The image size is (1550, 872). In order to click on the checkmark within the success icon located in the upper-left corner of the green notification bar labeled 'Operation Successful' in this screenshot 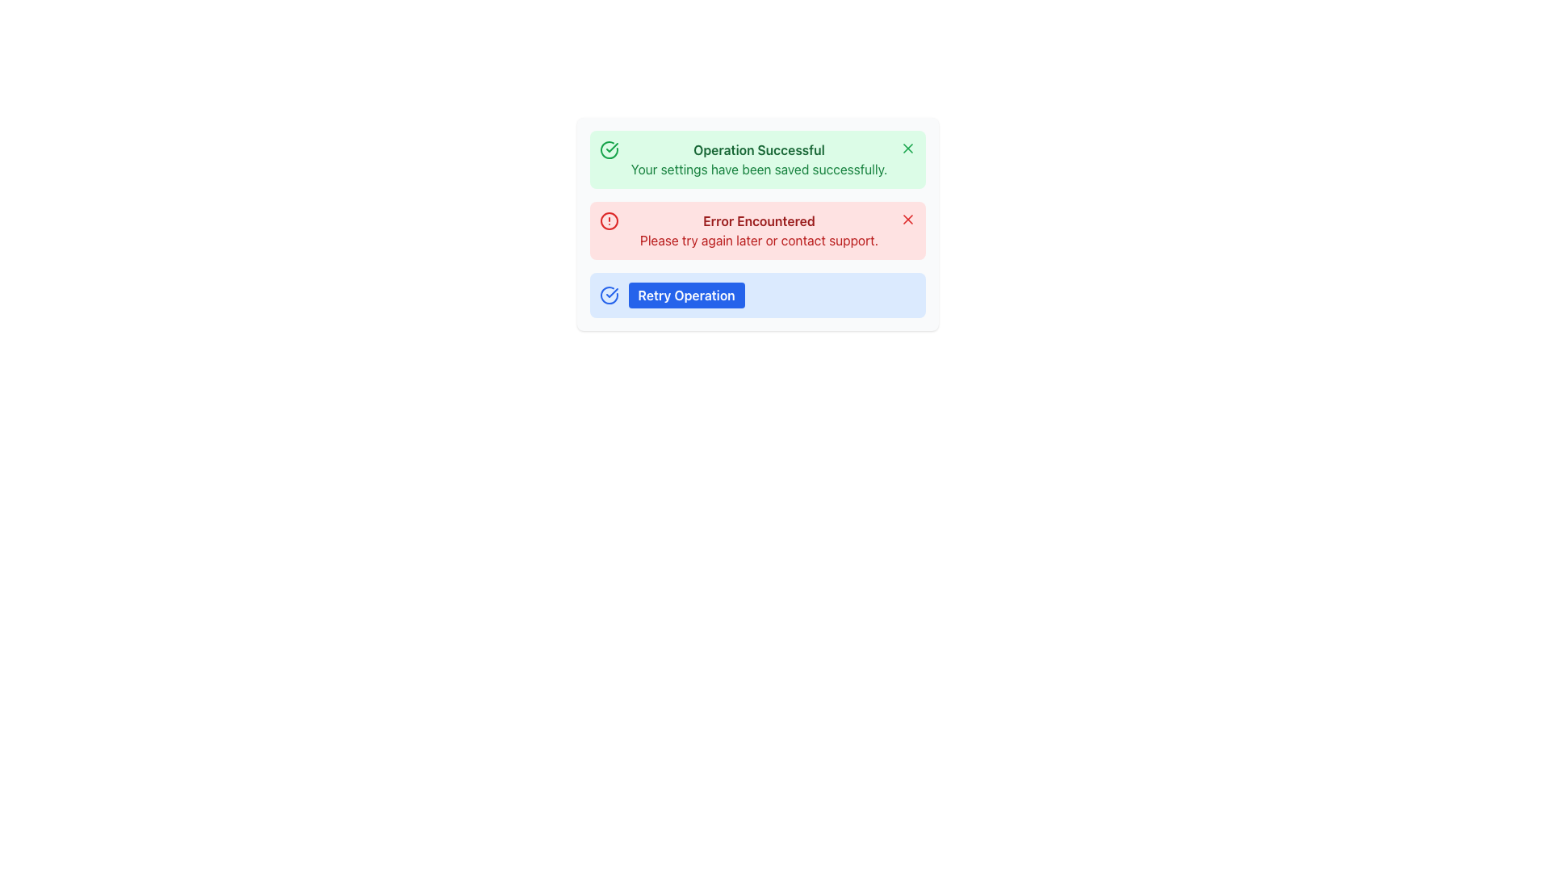, I will do `click(611, 292)`.